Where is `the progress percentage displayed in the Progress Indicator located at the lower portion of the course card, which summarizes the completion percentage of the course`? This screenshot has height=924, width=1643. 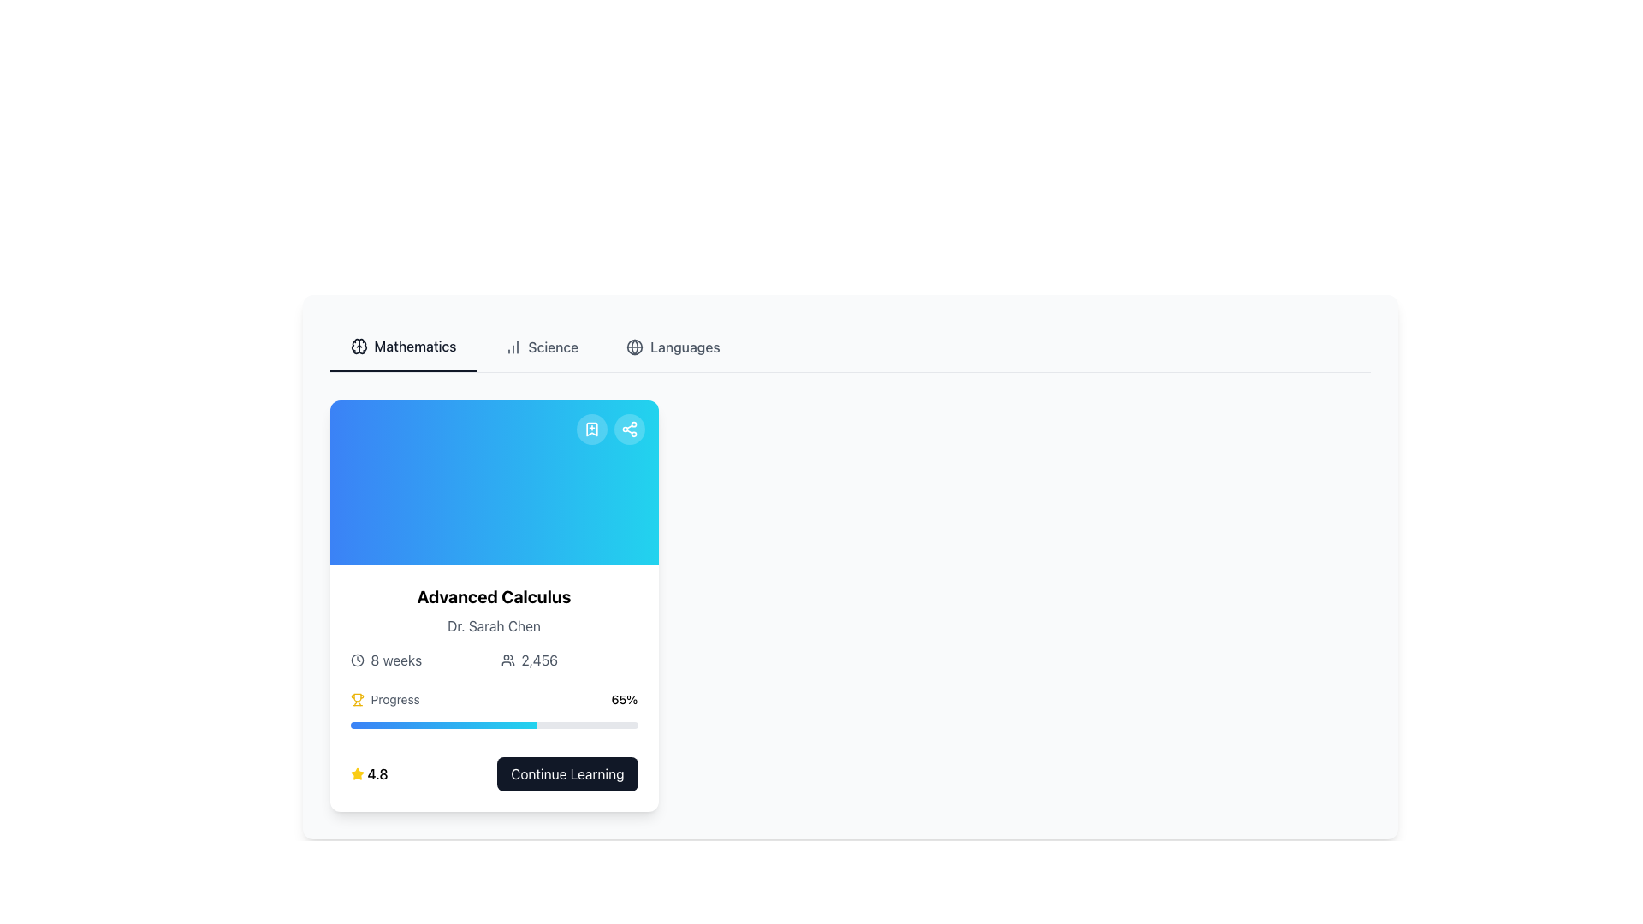 the progress percentage displayed in the Progress Indicator located at the lower portion of the course card, which summarizes the completion percentage of the course is located at coordinates (493, 740).